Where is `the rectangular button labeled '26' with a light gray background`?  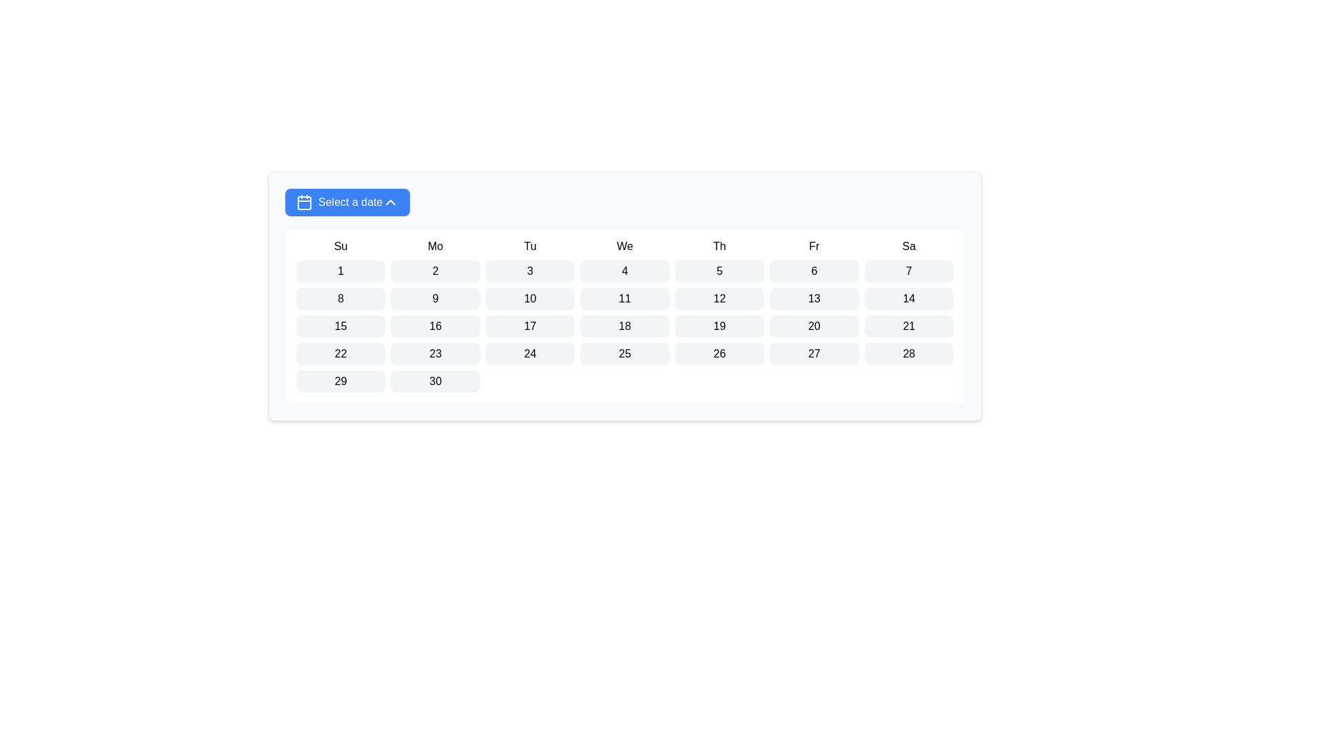
the rectangular button labeled '26' with a light gray background is located at coordinates (719, 353).